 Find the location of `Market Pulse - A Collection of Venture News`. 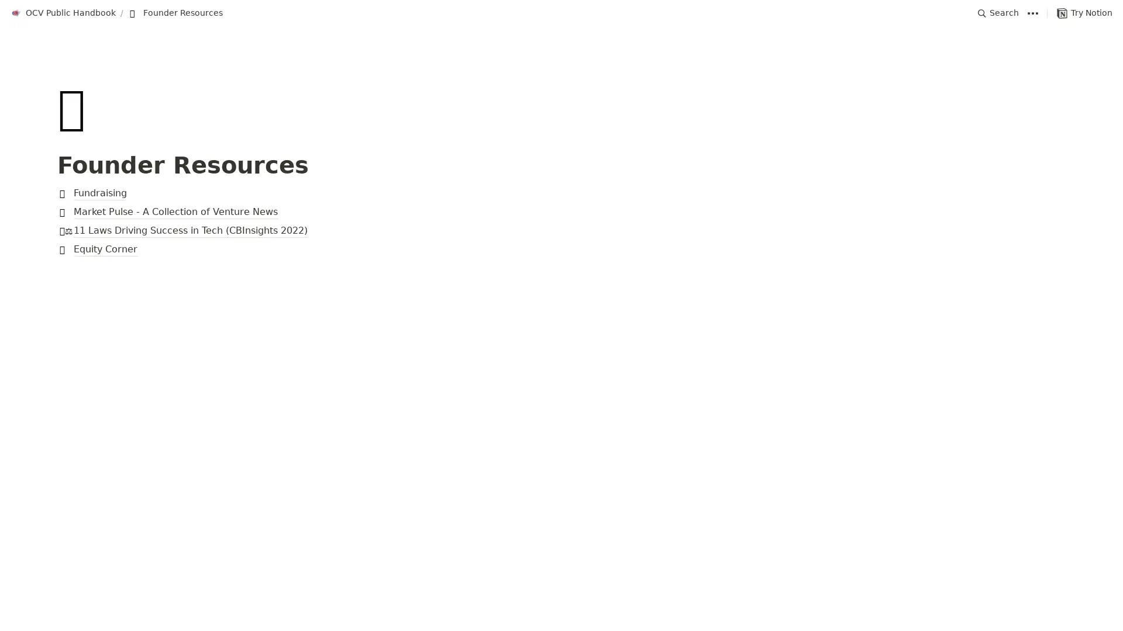

Market Pulse - A Collection of Venture News is located at coordinates (561, 212).